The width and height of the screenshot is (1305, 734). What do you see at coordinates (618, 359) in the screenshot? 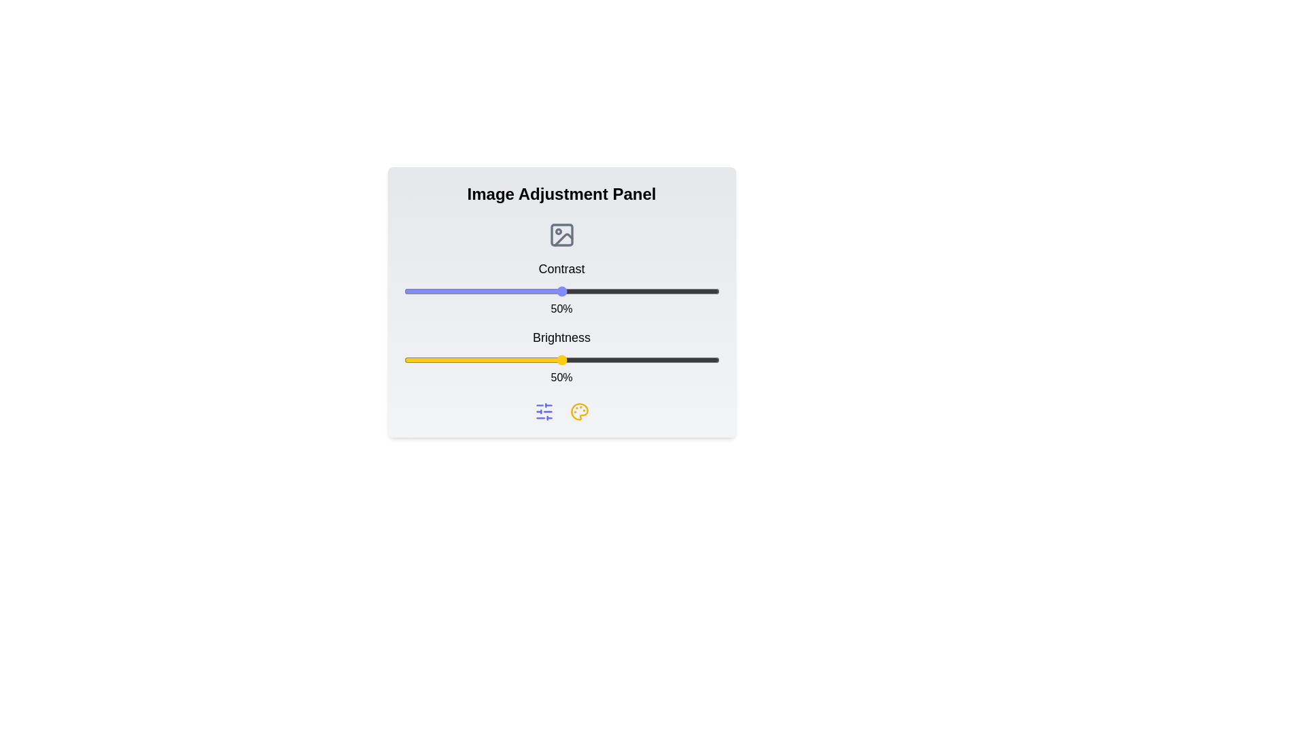
I see `the brightness slider to 68%` at bounding box center [618, 359].